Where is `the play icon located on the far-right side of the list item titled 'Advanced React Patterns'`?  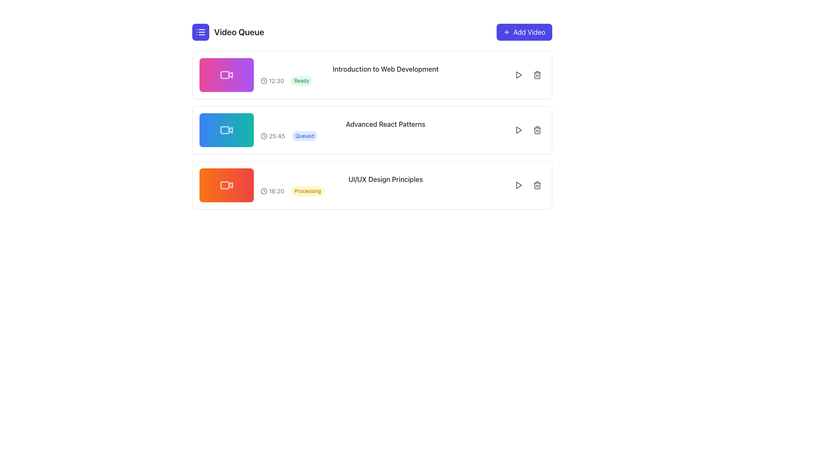
the play icon located on the far-right side of the list item titled 'Advanced React Patterns' is located at coordinates (518, 130).